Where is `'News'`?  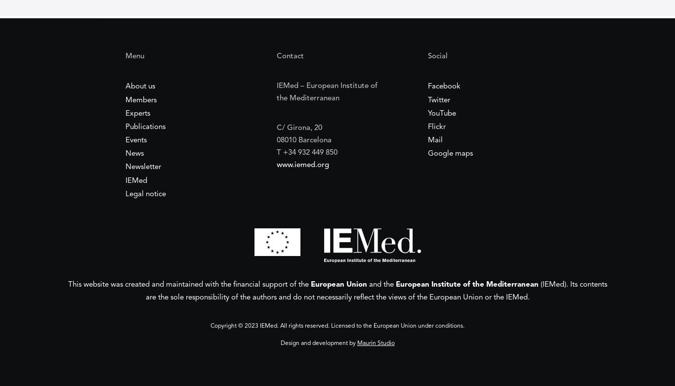 'News' is located at coordinates (134, 154).